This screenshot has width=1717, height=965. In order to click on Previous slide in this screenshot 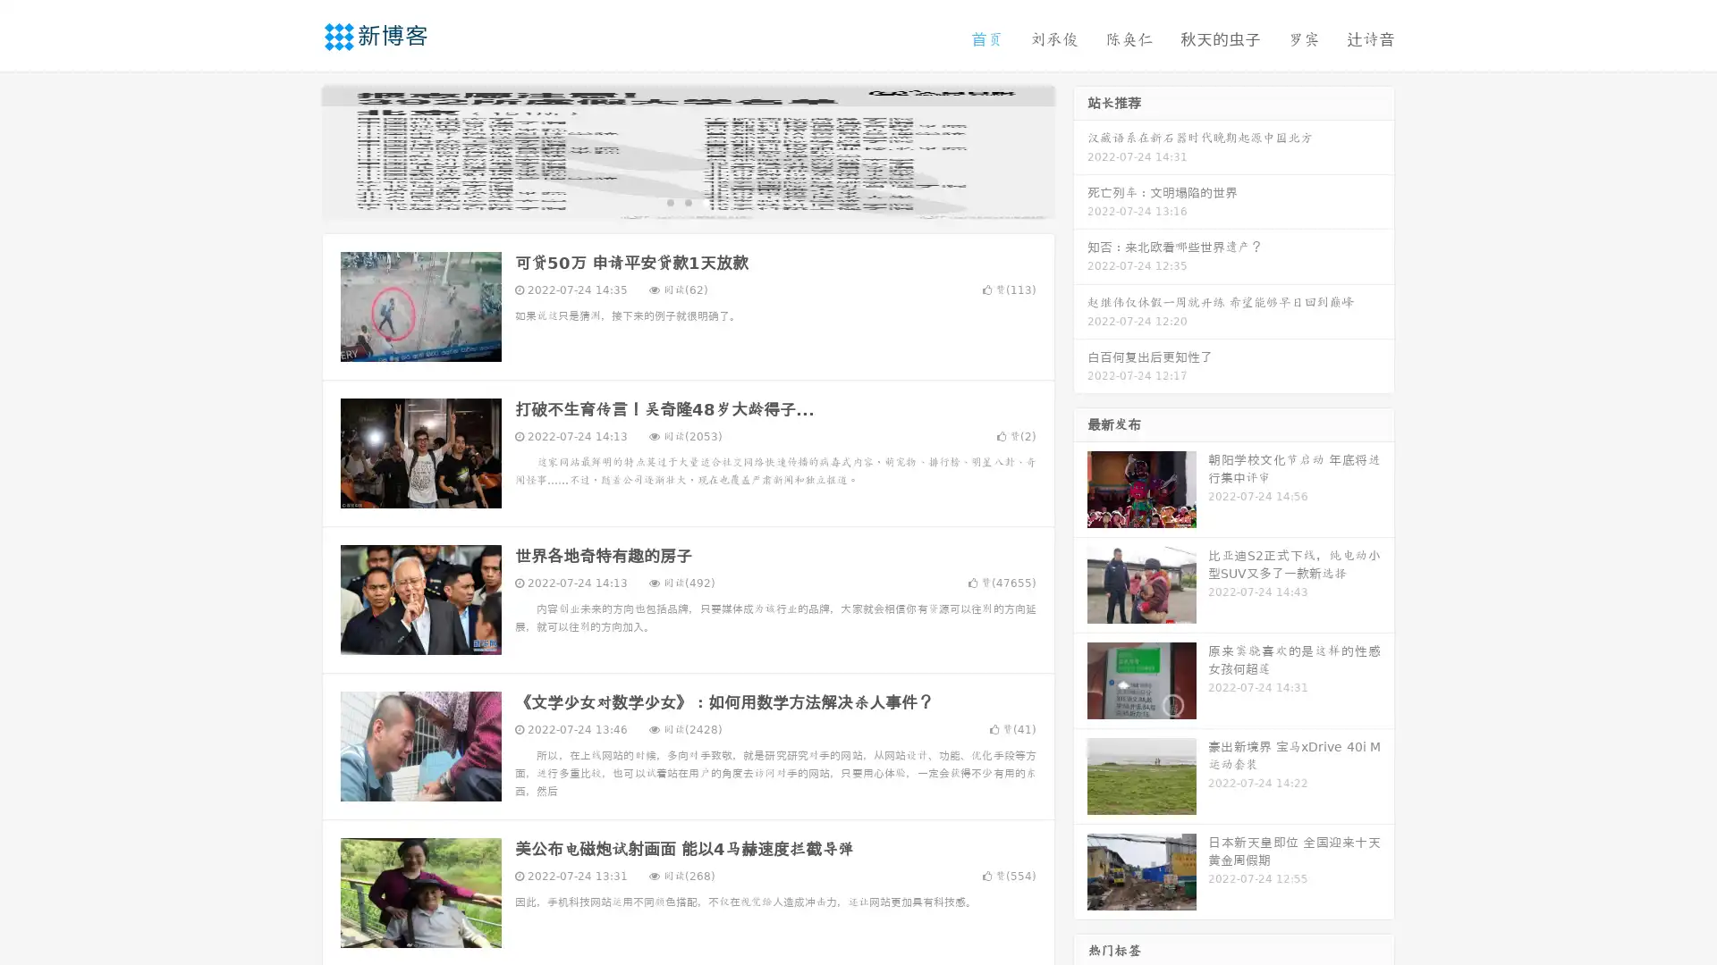, I will do `click(295, 150)`.